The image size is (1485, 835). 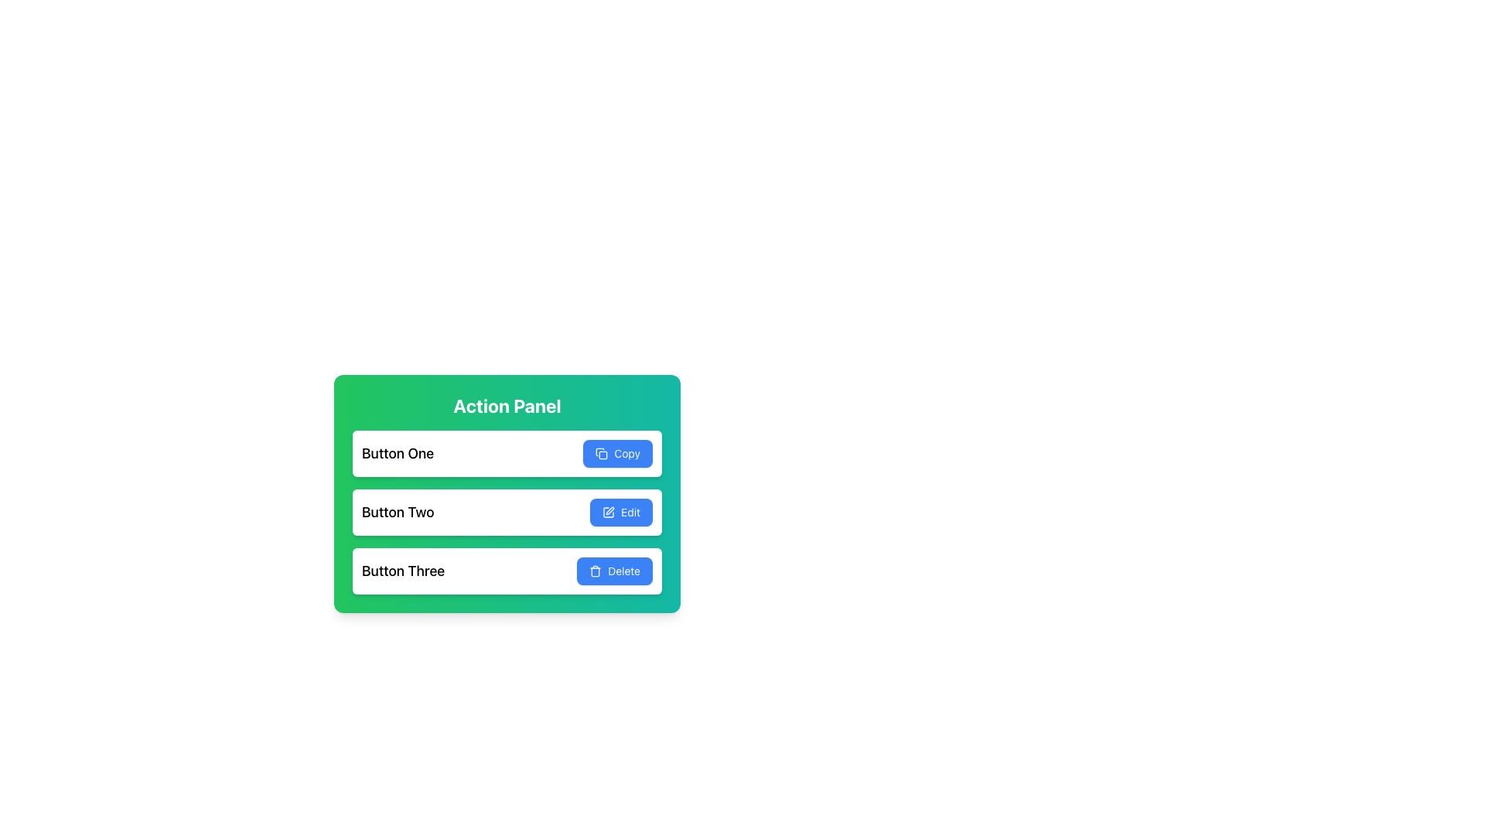 What do you see at coordinates (595, 571) in the screenshot?
I see `the trash icon on the left side of the 'Delete' button in the action panel` at bounding box center [595, 571].